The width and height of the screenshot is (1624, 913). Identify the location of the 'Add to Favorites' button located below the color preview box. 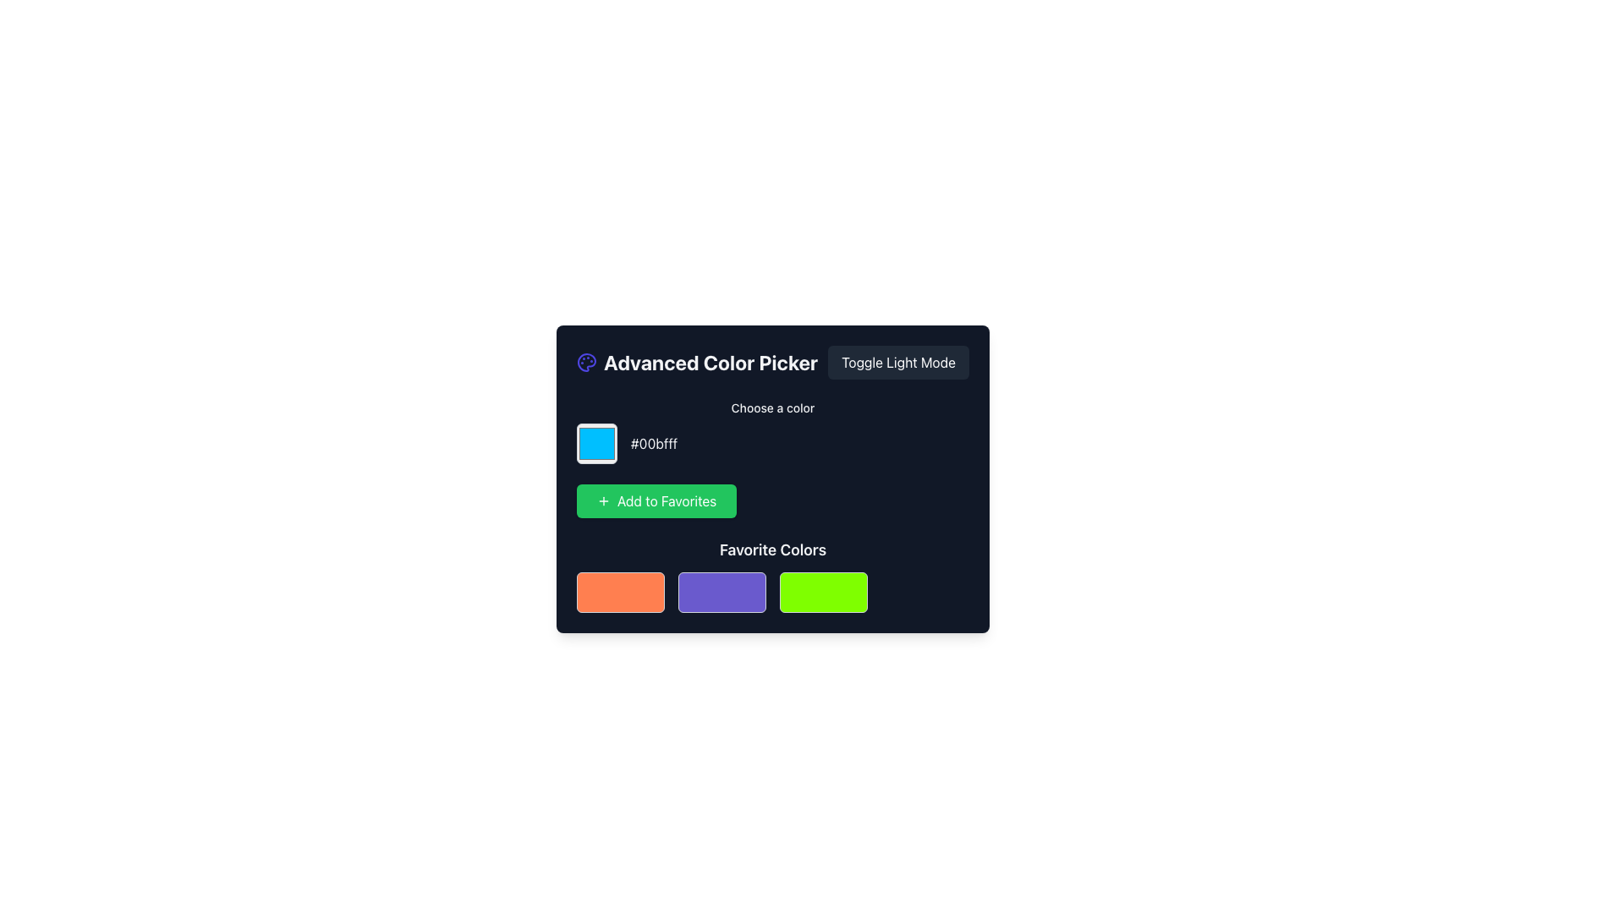
(656, 500).